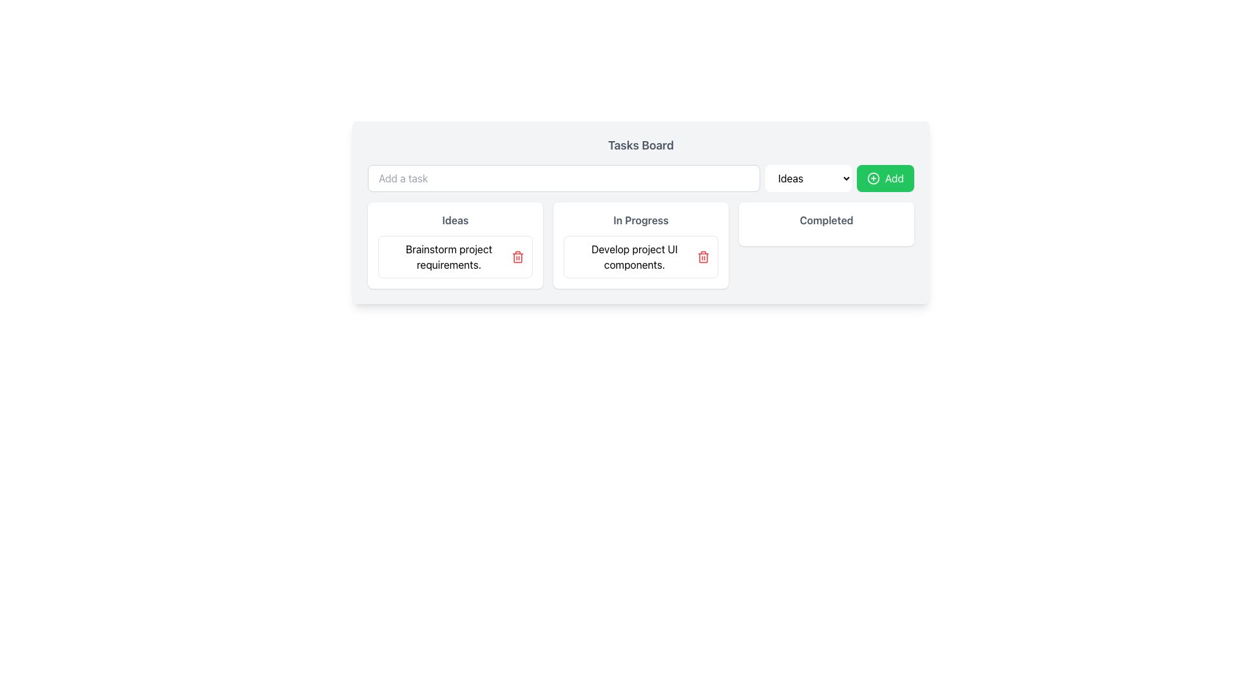 This screenshot has width=1237, height=696. Describe the element at coordinates (455, 220) in the screenshot. I see `the heading text element located at the upper section of a white rectangular box with rounded corners, which categorizes the contents of the card it is part of` at that location.